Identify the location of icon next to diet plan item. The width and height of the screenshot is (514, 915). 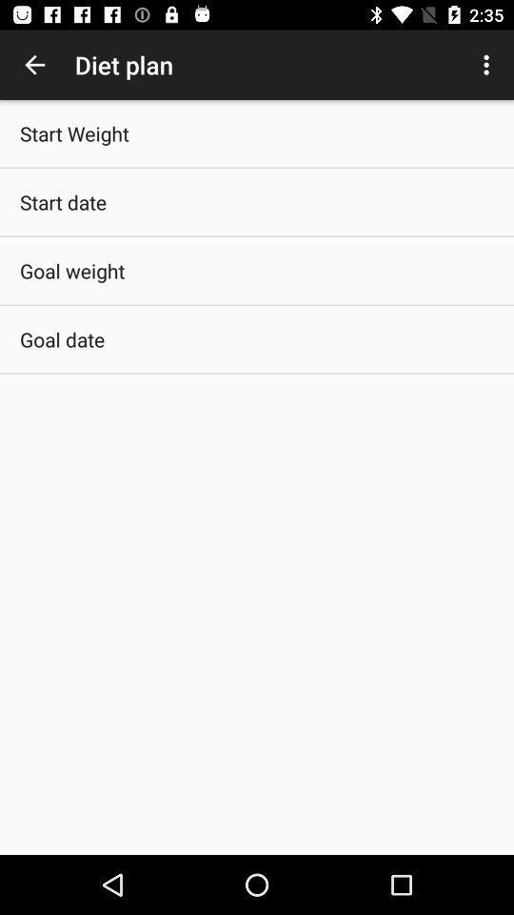
(488, 65).